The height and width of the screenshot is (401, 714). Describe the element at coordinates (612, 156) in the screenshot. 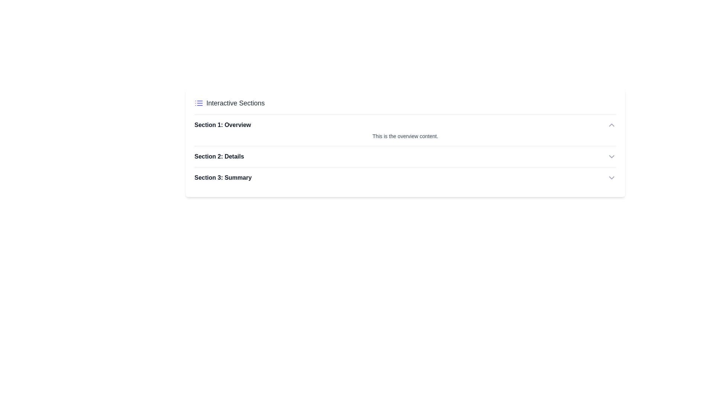

I see `the Dropdown toggle icon (chevron) located on the right side of the 'Section 2: Details' heading` at that location.